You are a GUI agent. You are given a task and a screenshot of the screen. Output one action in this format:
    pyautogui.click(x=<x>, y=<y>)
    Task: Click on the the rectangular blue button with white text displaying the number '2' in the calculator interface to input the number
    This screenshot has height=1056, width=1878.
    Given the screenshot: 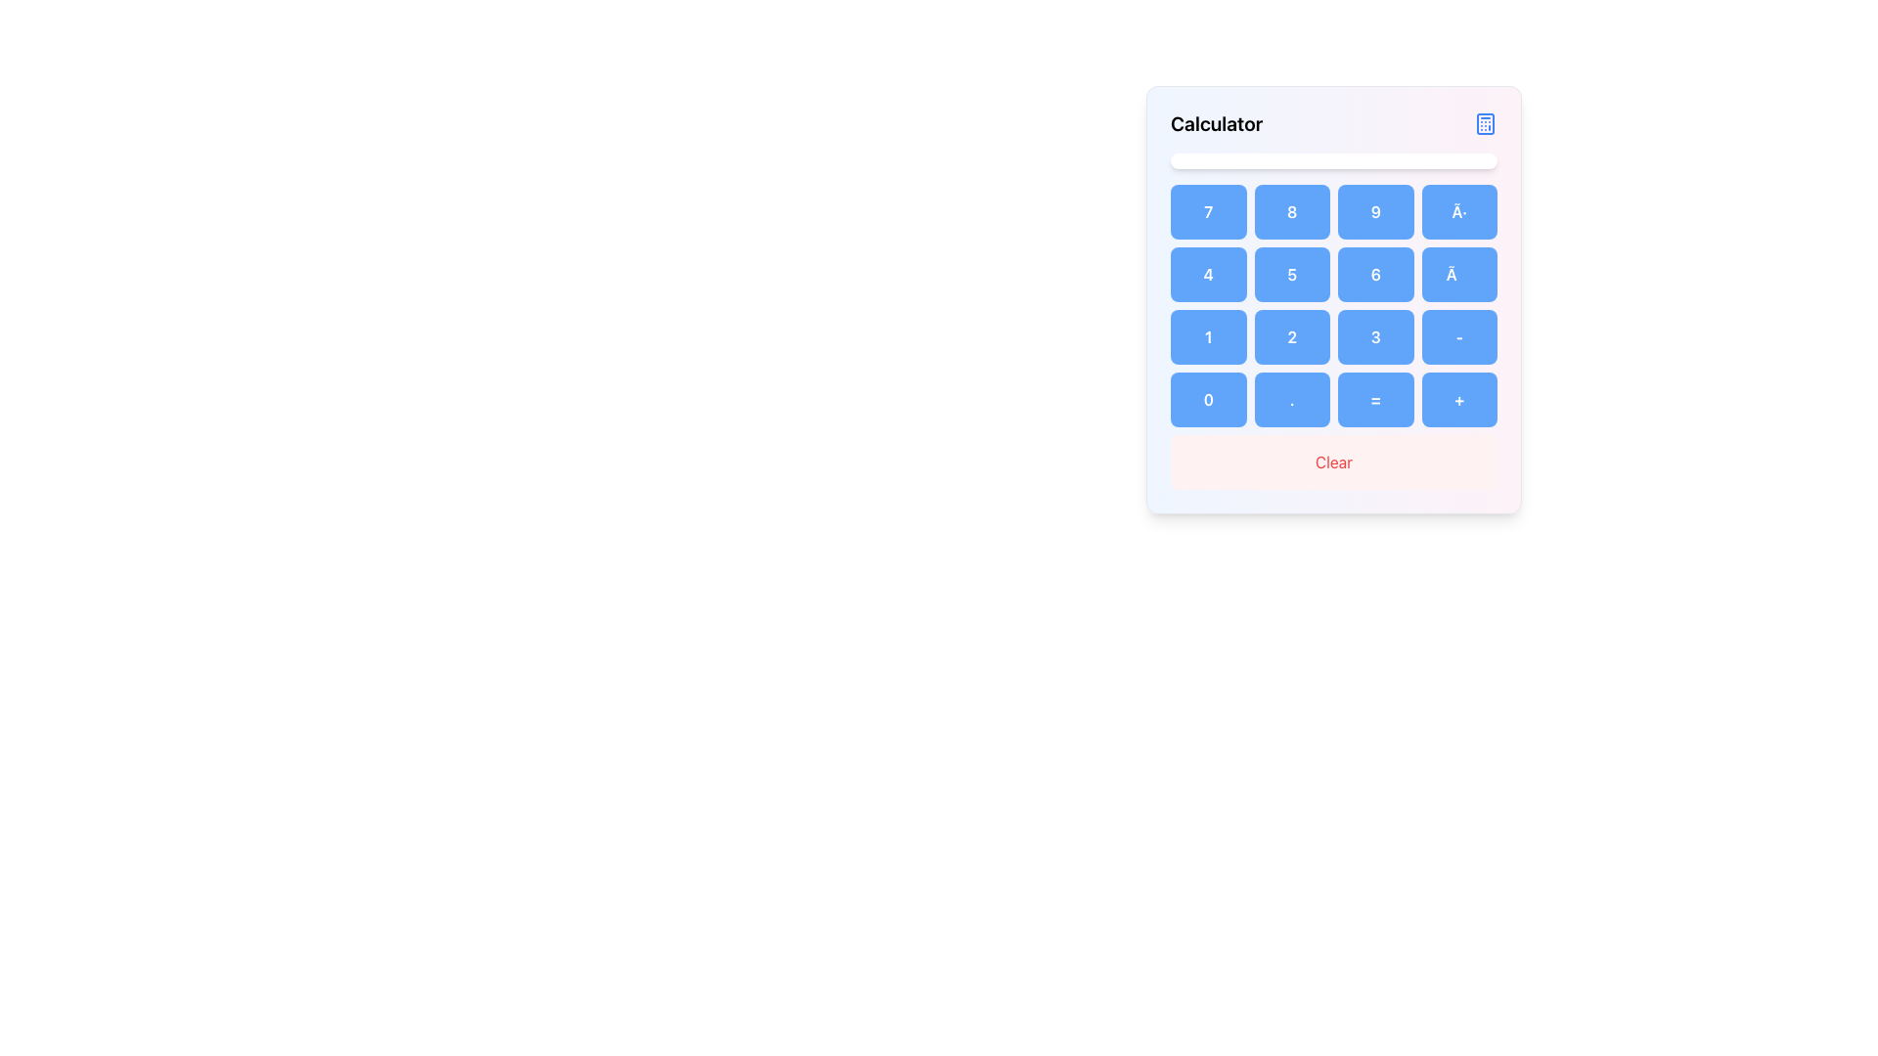 What is the action you would take?
    pyautogui.click(x=1292, y=335)
    